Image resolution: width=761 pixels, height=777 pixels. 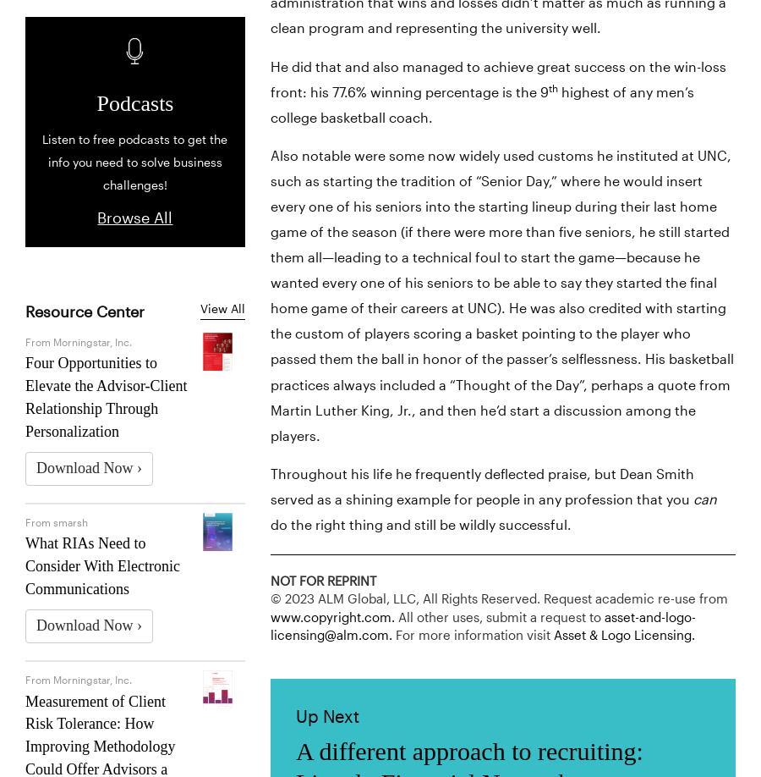 I want to click on 'Asset & Logo Licensing.', so click(x=622, y=635).